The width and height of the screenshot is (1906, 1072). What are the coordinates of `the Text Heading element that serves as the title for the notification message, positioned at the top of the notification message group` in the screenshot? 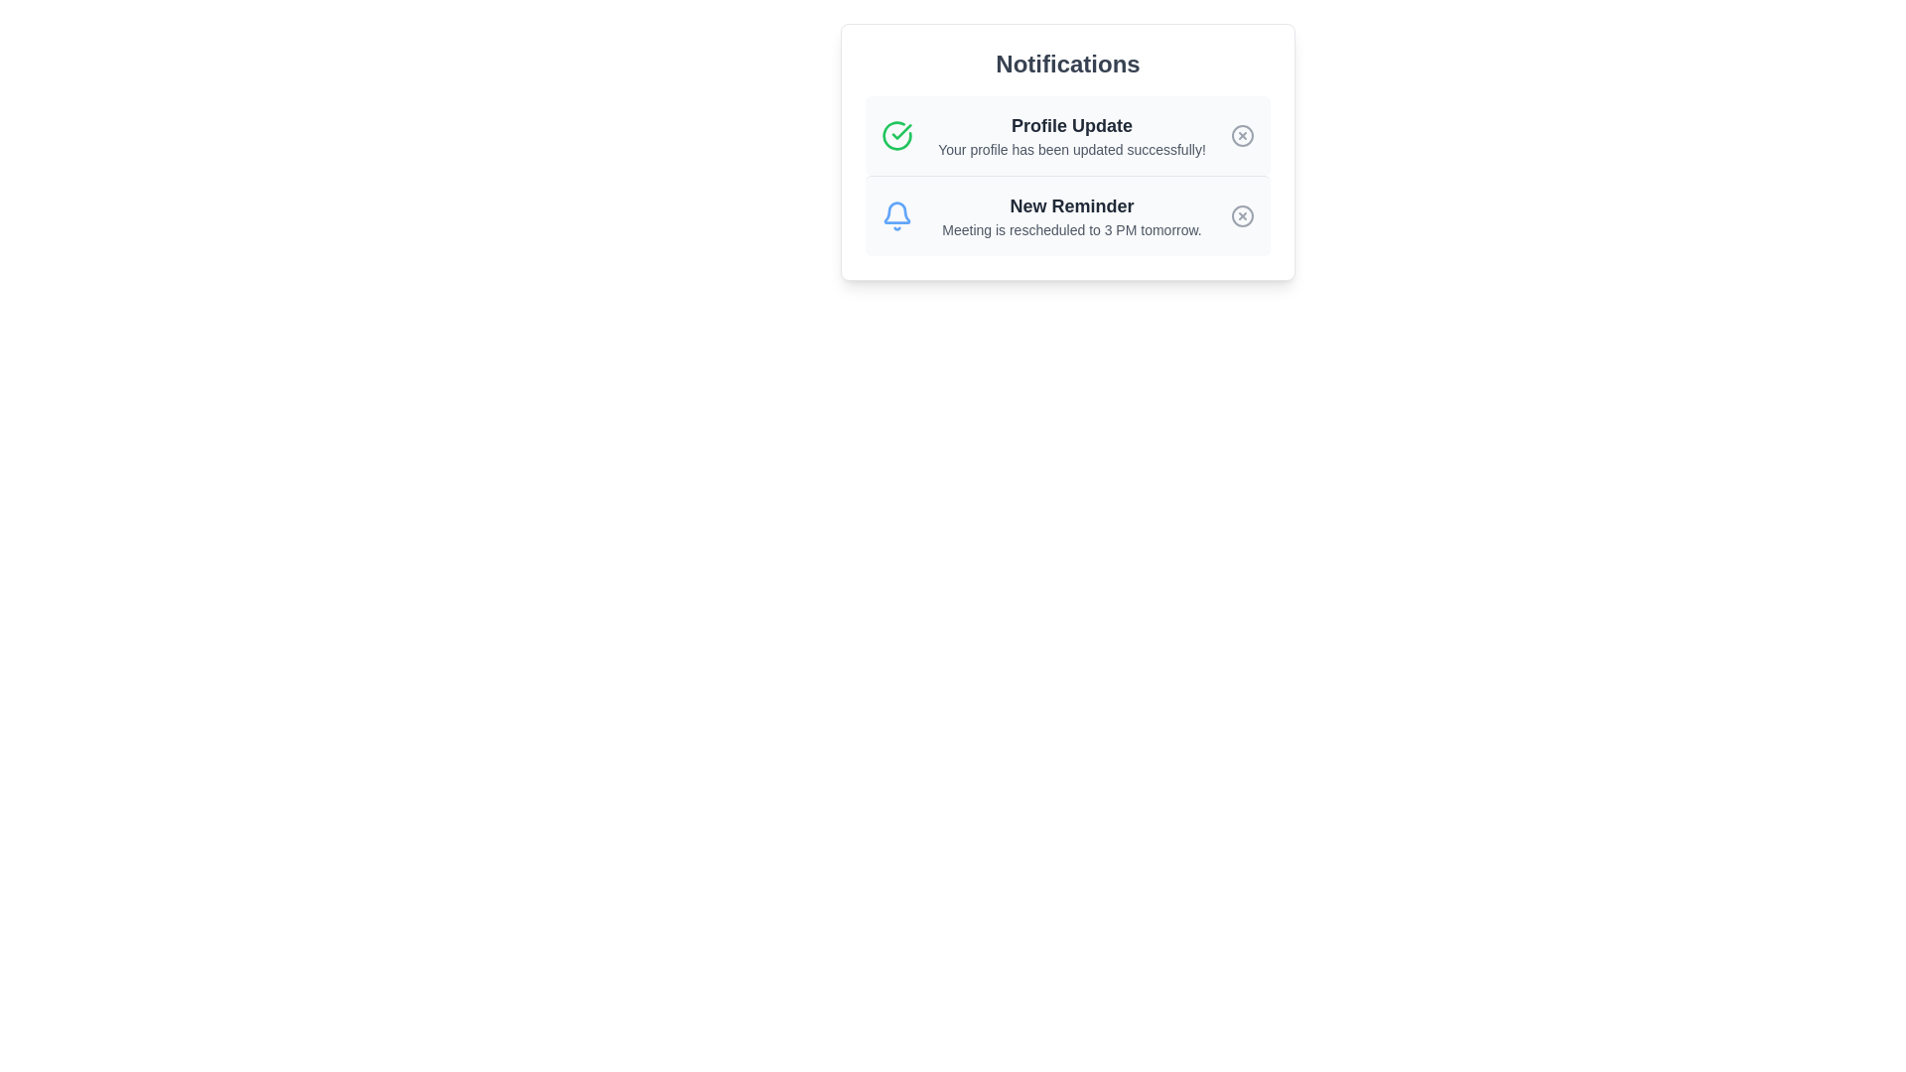 It's located at (1071, 126).